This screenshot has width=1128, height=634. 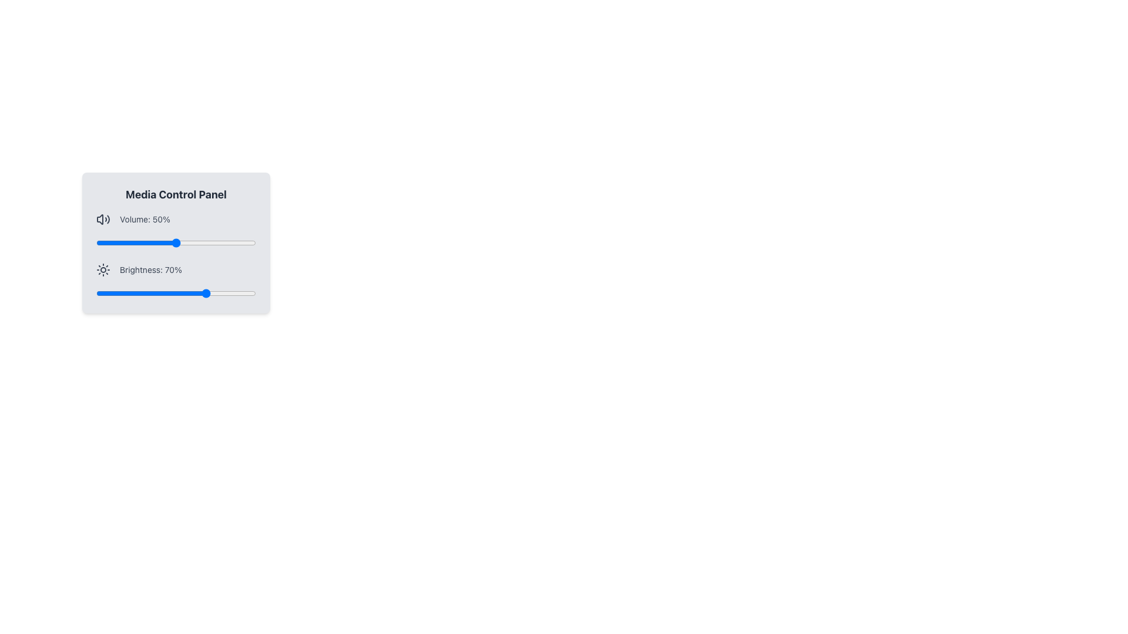 What do you see at coordinates (192, 242) in the screenshot?
I see `the slider value` at bounding box center [192, 242].